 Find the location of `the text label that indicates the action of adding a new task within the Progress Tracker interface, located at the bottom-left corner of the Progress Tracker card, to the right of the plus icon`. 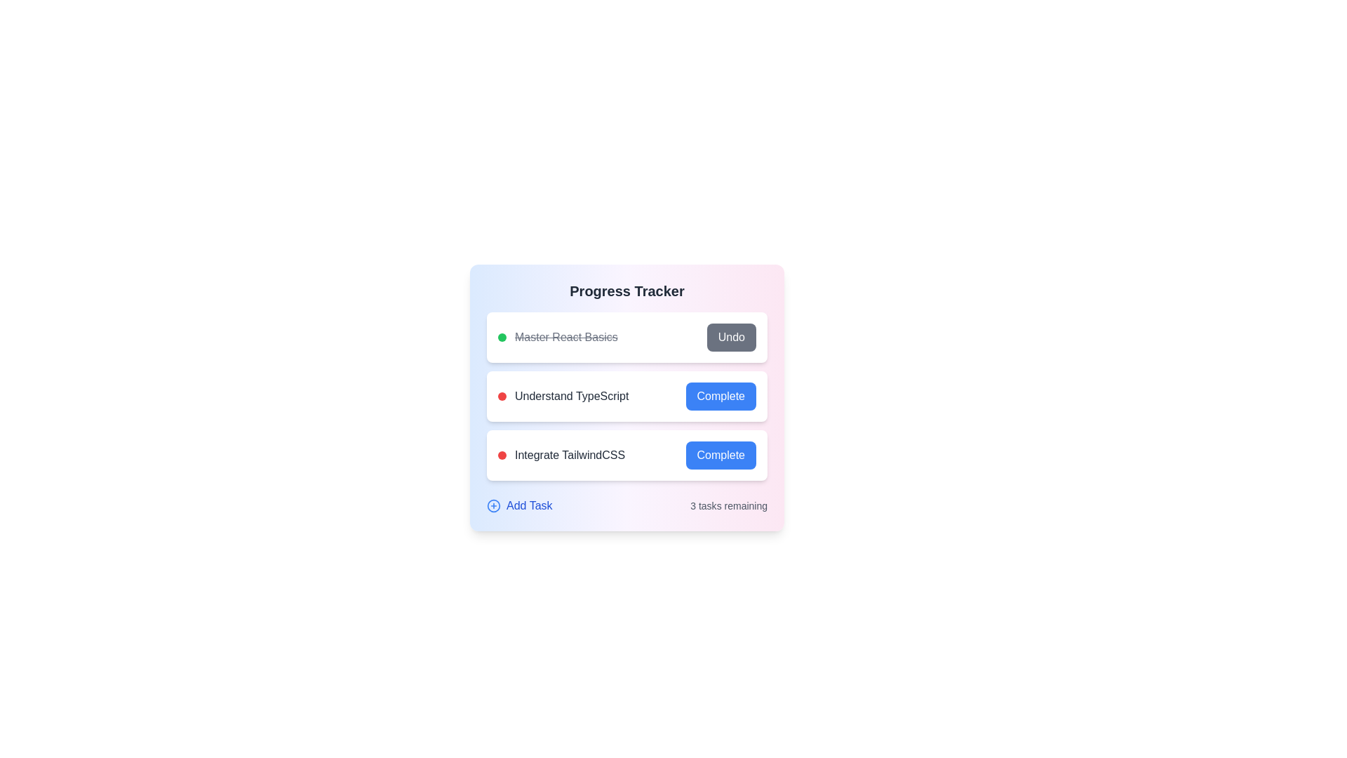

the text label that indicates the action of adding a new task within the Progress Tracker interface, located at the bottom-left corner of the Progress Tracker card, to the right of the plus icon is located at coordinates (528, 506).